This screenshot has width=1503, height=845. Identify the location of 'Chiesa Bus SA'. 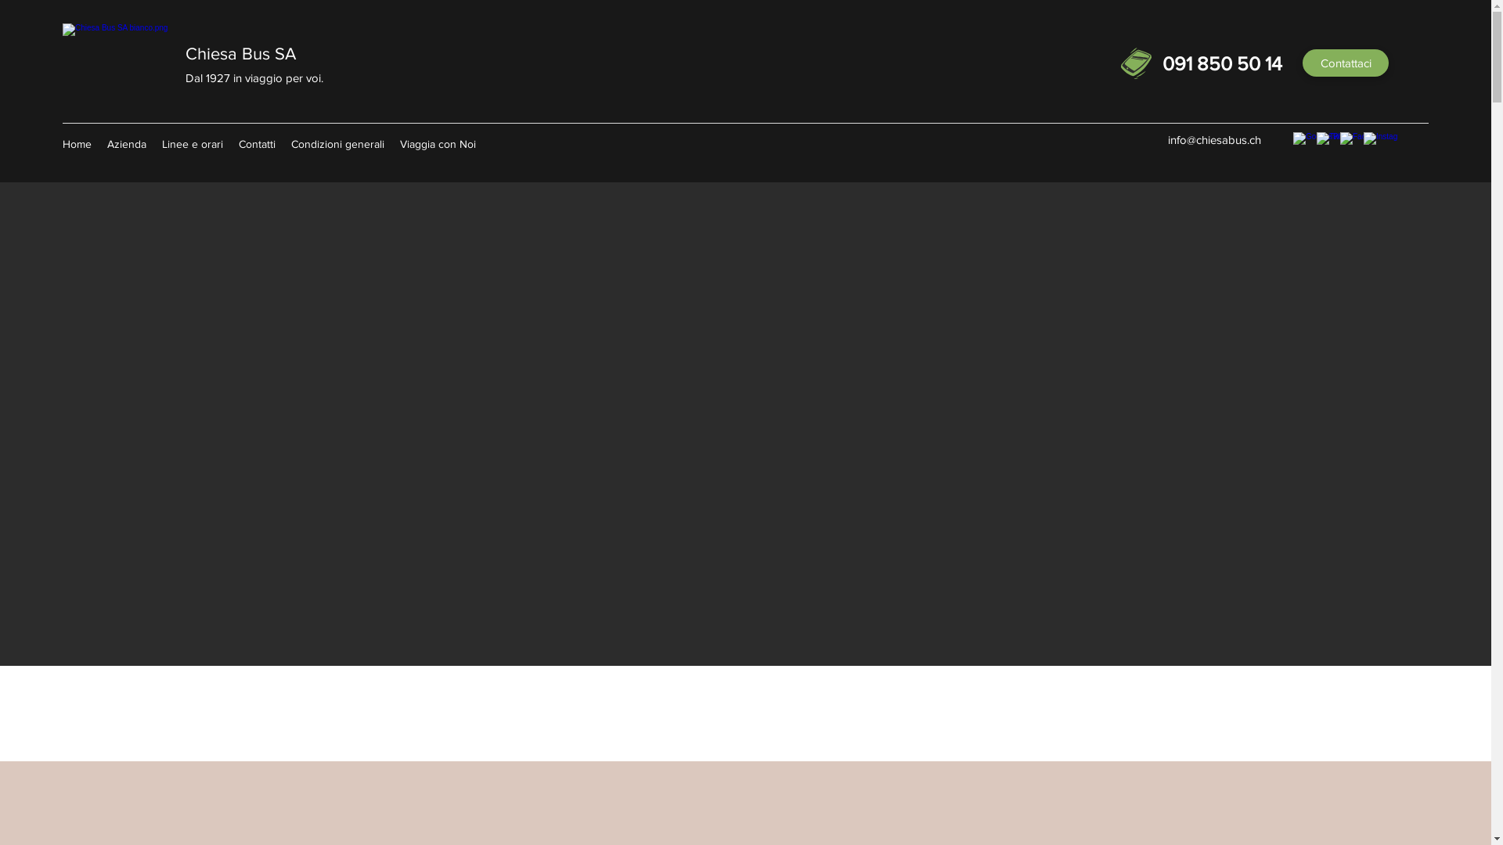
(240, 52).